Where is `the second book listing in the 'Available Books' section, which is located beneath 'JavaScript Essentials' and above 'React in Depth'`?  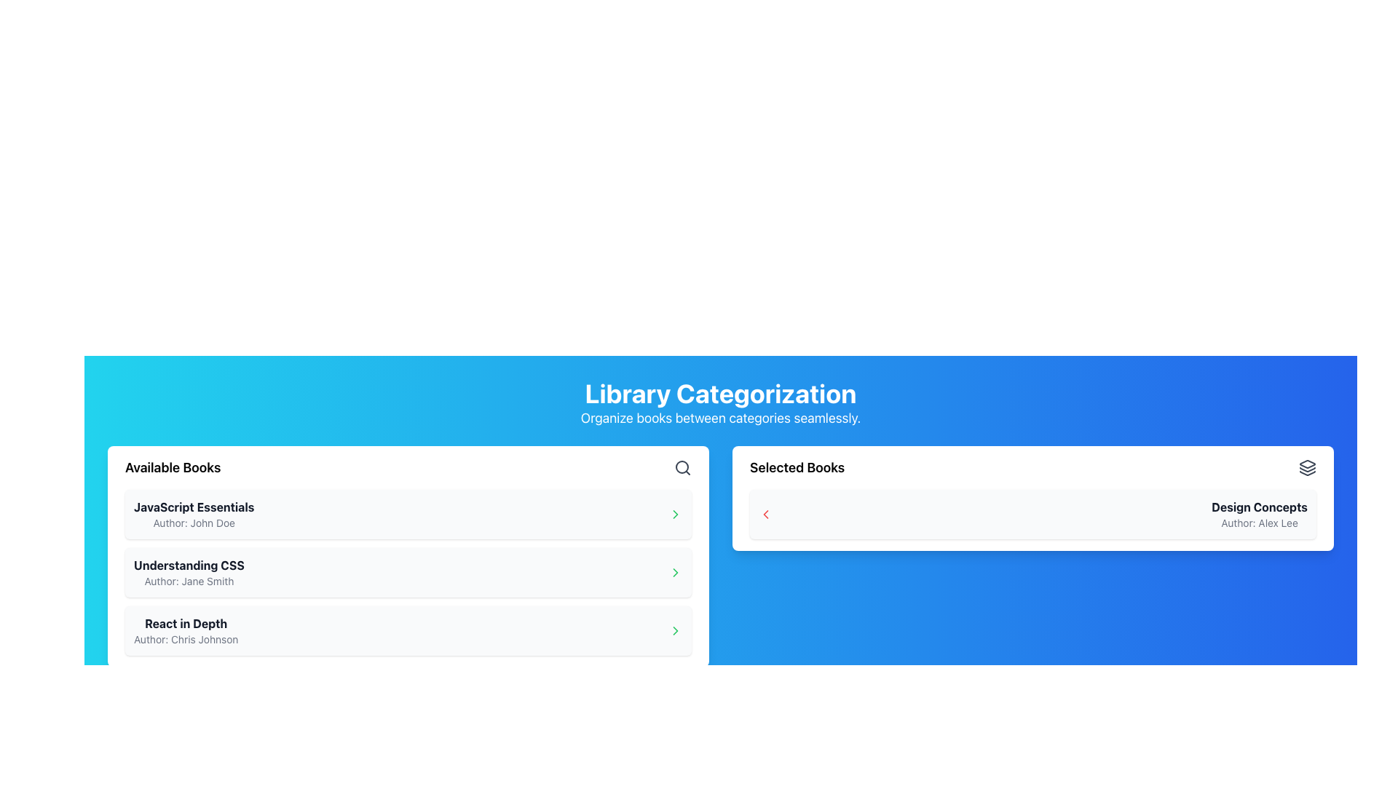 the second book listing in the 'Available Books' section, which is located beneath 'JavaScript Essentials' and above 'React in Depth' is located at coordinates (188, 571).